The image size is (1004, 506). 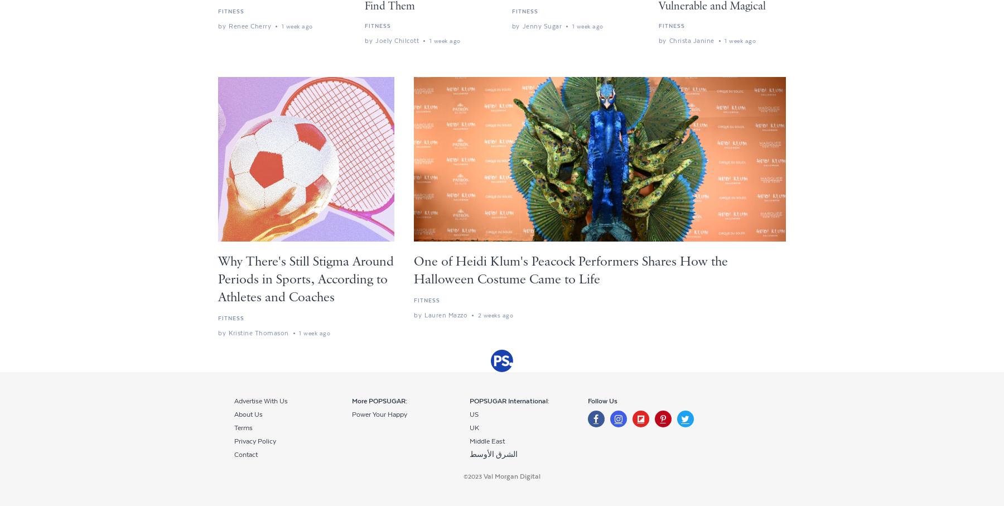 What do you see at coordinates (511, 476) in the screenshot?
I see `'Val Morgan Digital'` at bounding box center [511, 476].